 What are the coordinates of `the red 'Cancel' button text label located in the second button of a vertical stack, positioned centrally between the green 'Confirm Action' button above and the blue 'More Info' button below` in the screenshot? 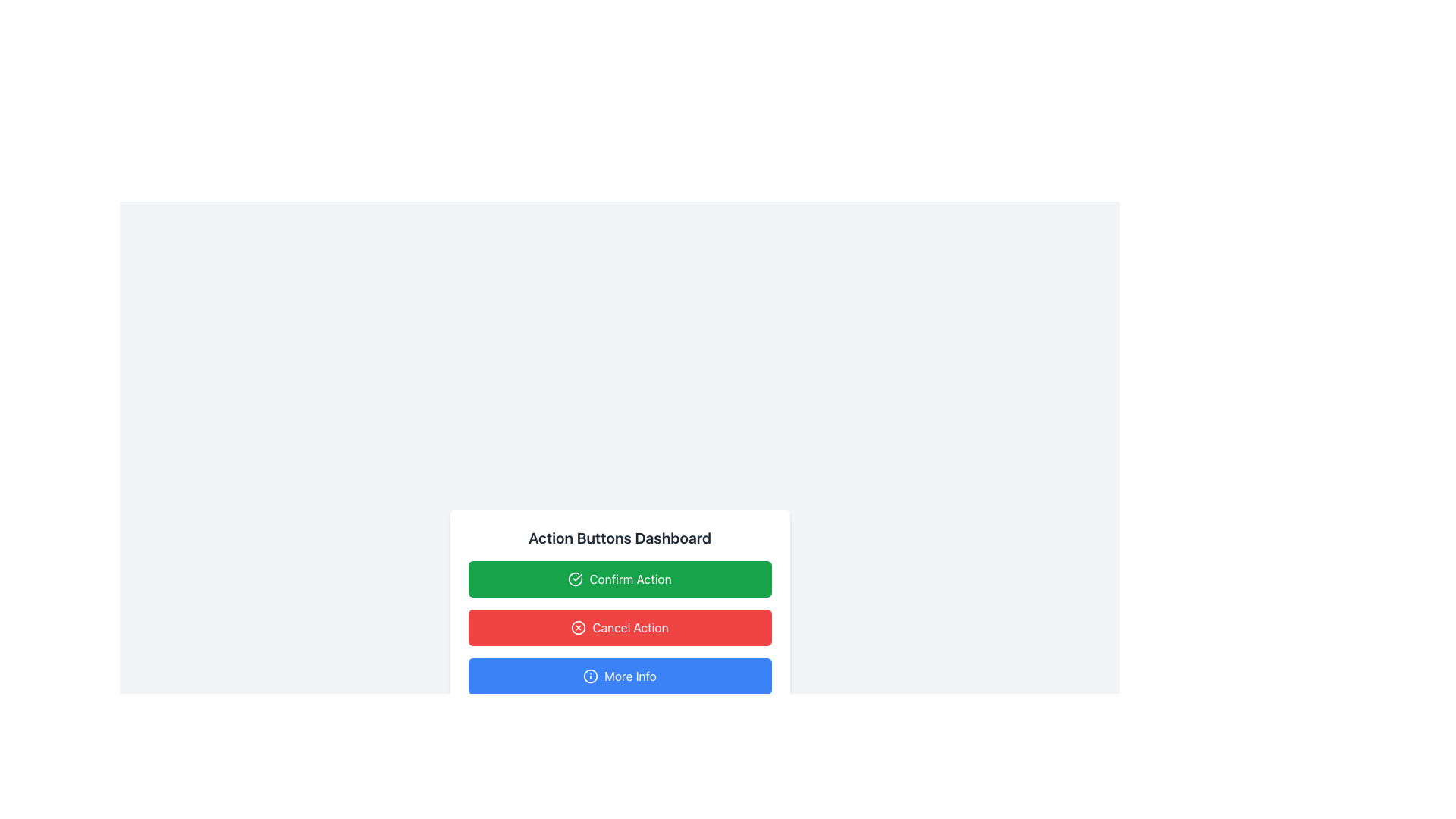 It's located at (630, 628).